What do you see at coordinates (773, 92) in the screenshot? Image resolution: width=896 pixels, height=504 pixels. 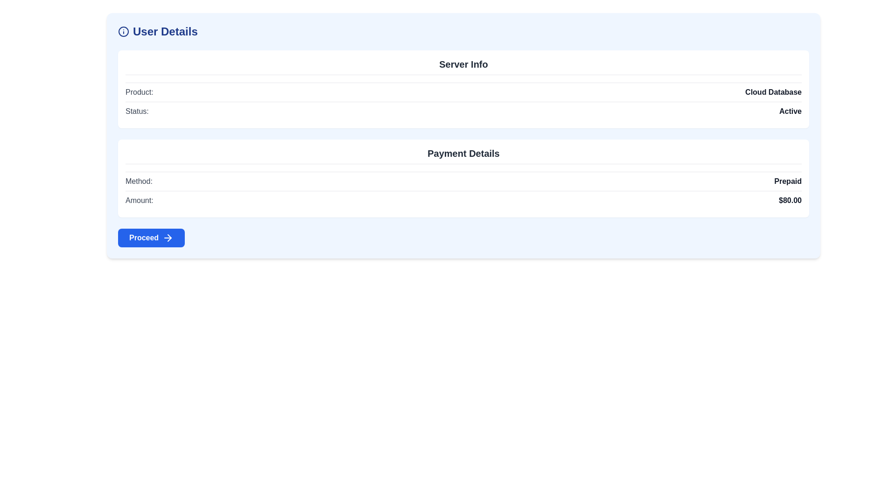 I see `the non-interactive text label displaying 'Cloud Database', located to the right of the 'Product:' label in the Server Info section` at bounding box center [773, 92].